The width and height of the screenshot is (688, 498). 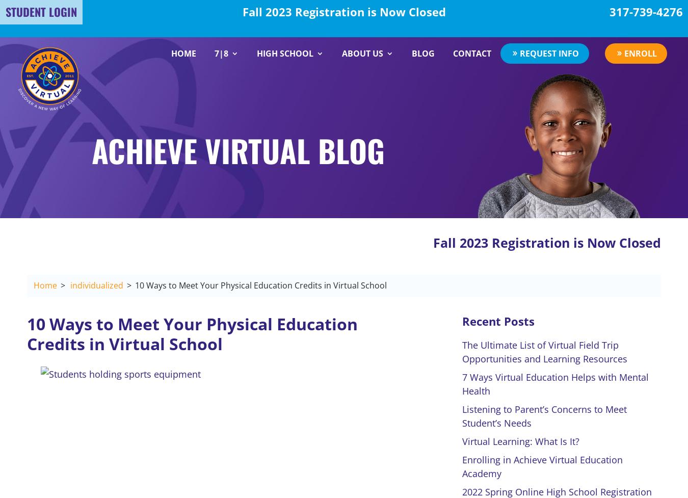 What do you see at coordinates (363, 136) in the screenshot?
I see `'Goals'` at bounding box center [363, 136].